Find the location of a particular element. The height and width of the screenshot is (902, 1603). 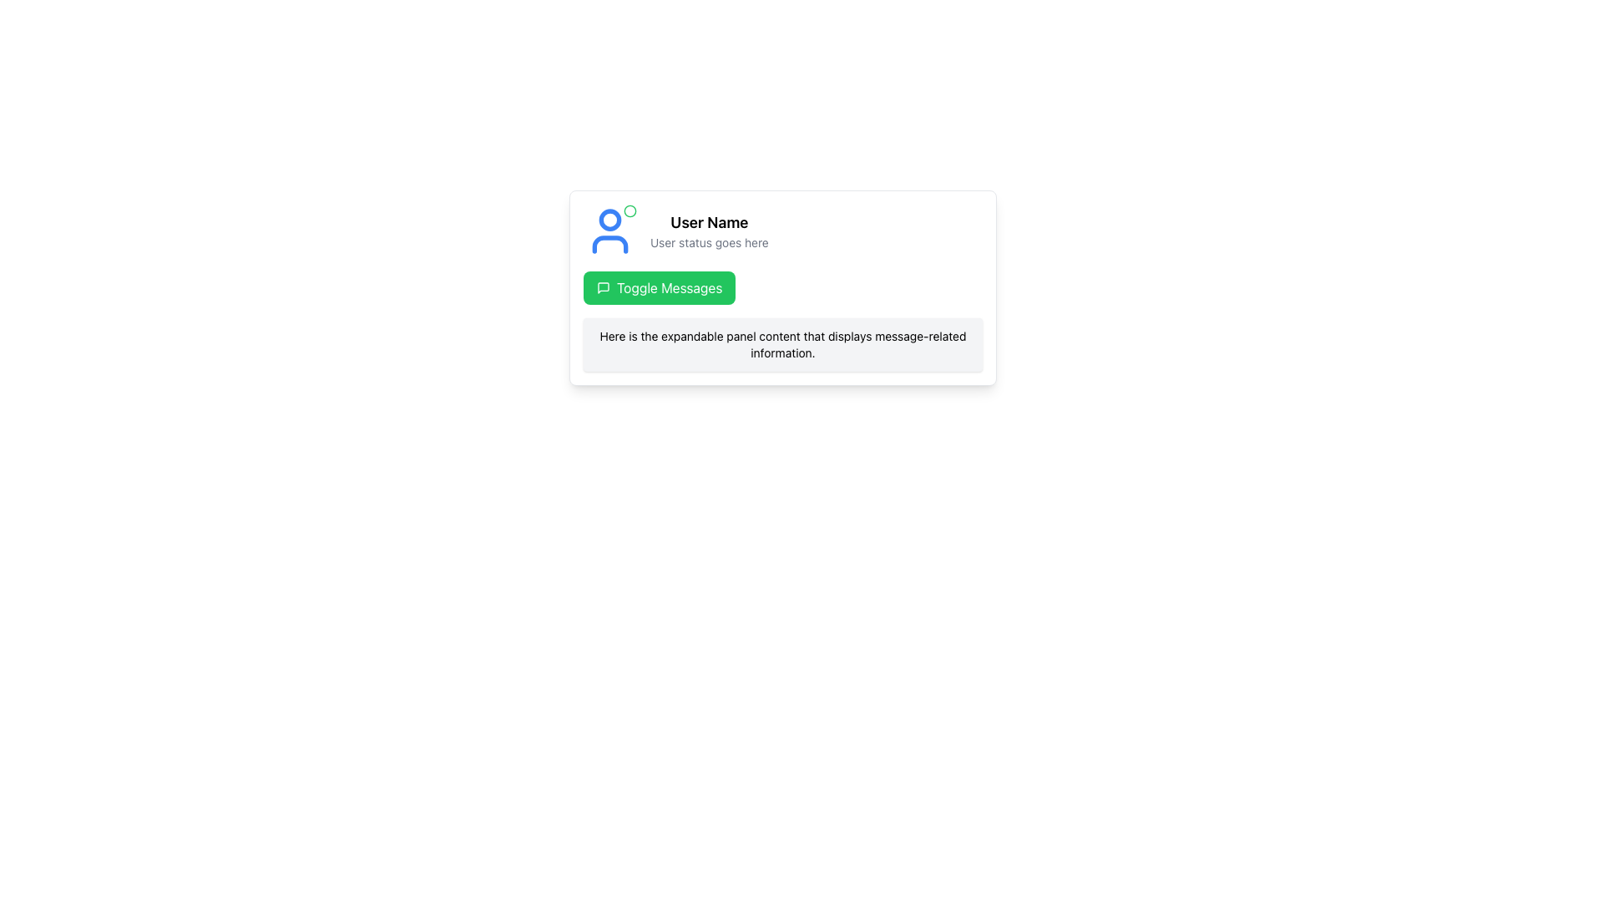

the SVG circle element in the top-right corner of the user profile card, which serves as a status indicator is located at coordinates (629, 209).